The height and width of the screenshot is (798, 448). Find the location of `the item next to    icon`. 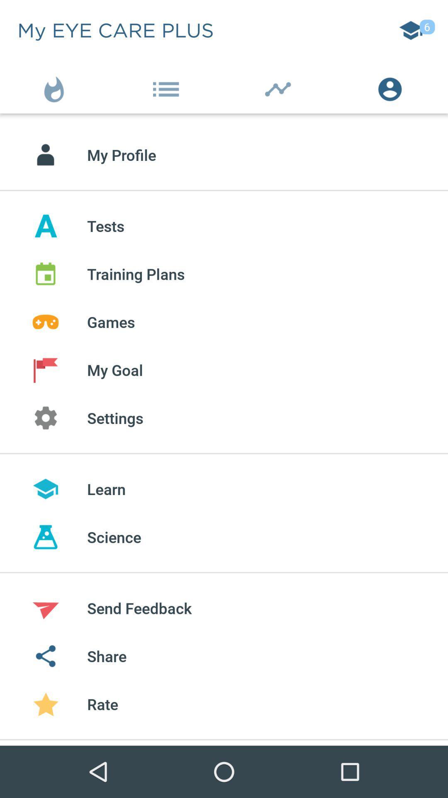

the item next to    icon is located at coordinates (392, 87).